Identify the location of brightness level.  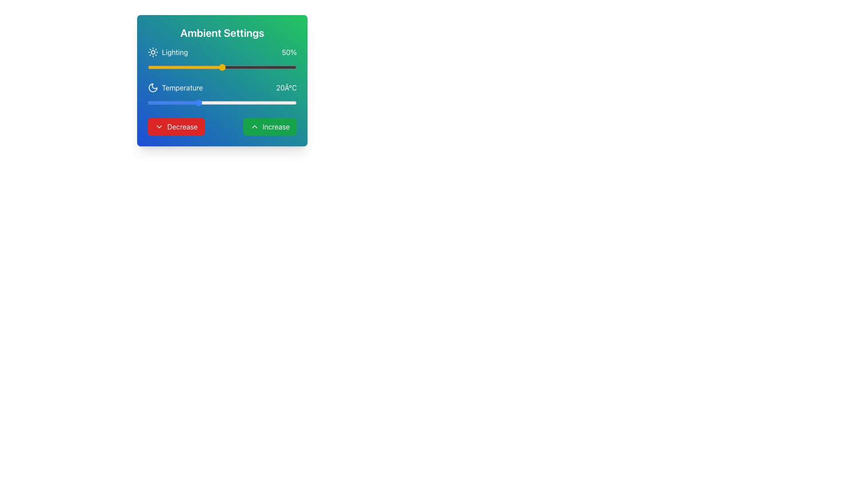
(228, 67).